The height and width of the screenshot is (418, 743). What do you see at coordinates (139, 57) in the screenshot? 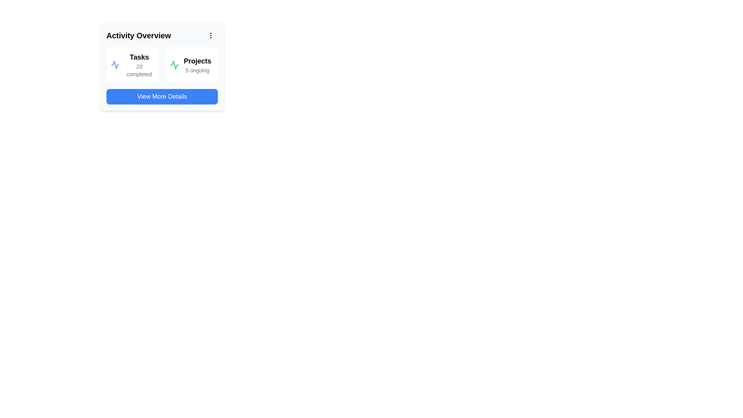
I see `text of the 'Tasks' label, which is prominently displayed in bold at the top of a card layout, above the '23 completed' text` at bounding box center [139, 57].